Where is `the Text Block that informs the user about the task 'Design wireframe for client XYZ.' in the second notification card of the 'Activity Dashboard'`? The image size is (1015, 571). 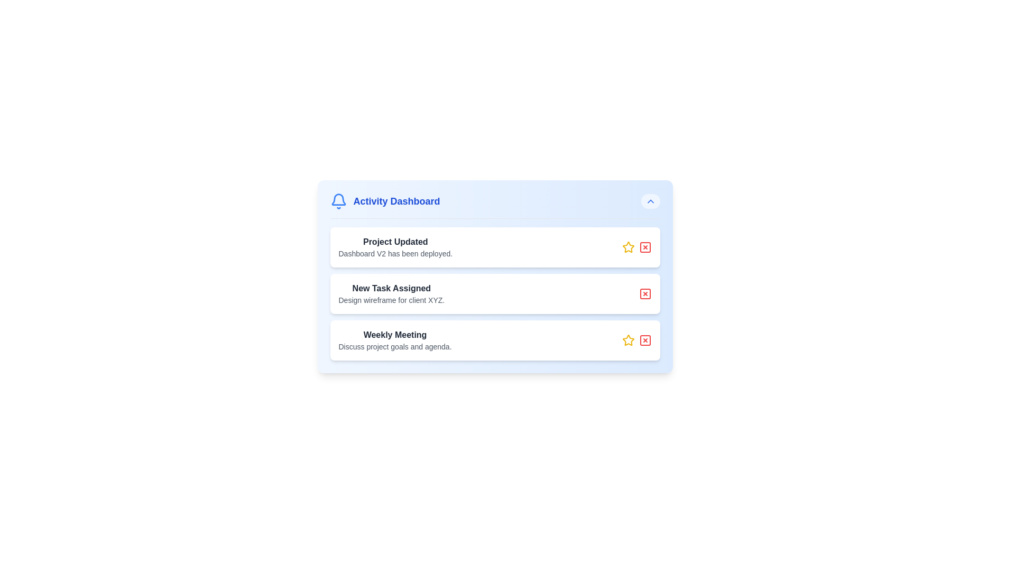 the Text Block that informs the user about the task 'Design wireframe for client XYZ.' in the second notification card of the 'Activity Dashboard' is located at coordinates (391, 293).